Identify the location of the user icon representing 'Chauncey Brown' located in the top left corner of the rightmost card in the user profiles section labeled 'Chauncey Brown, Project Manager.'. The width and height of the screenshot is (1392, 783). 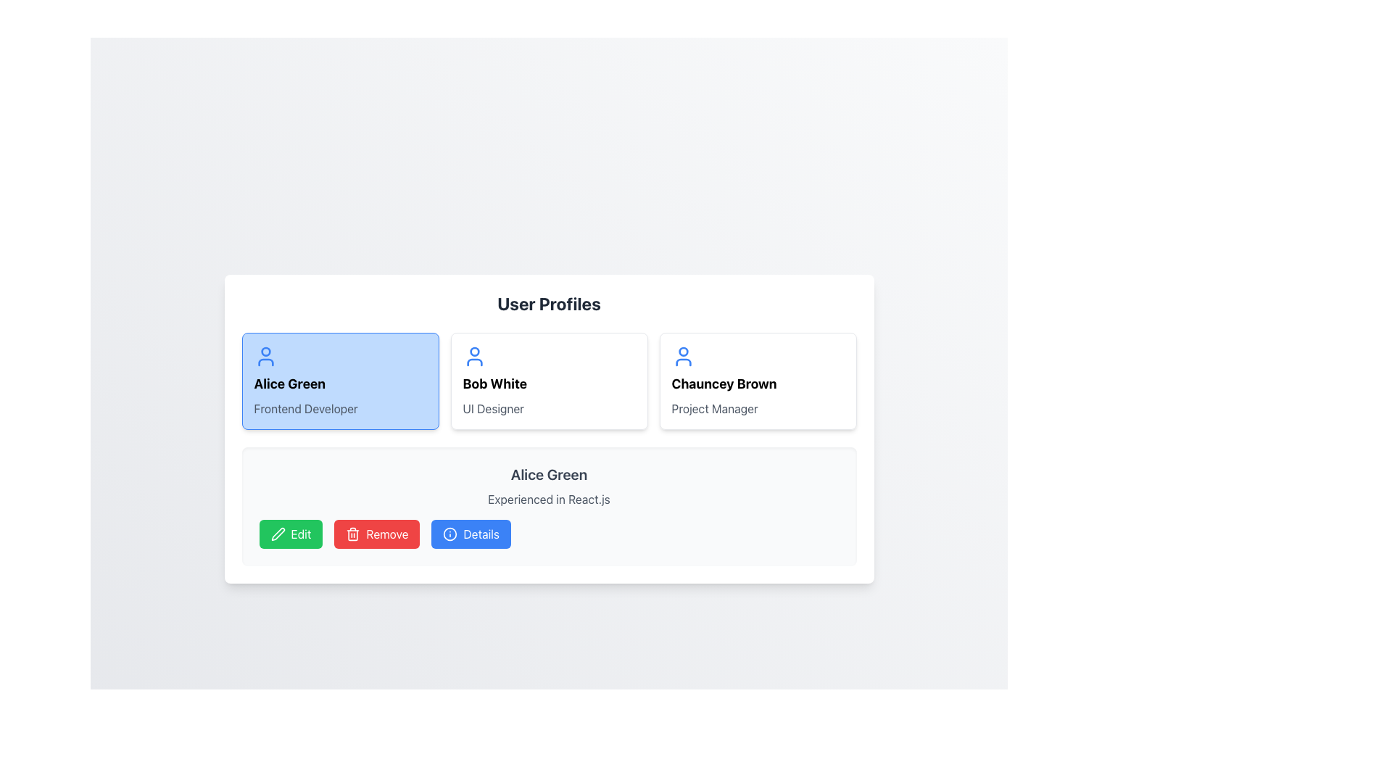
(682, 357).